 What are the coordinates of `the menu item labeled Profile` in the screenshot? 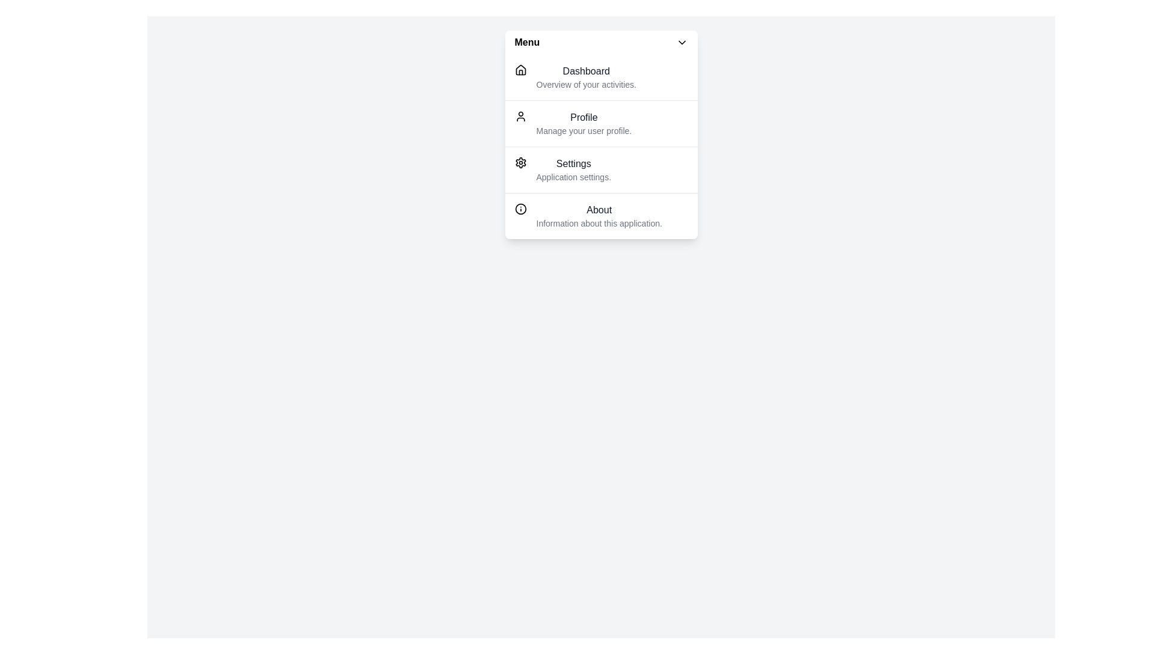 It's located at (601, 123).